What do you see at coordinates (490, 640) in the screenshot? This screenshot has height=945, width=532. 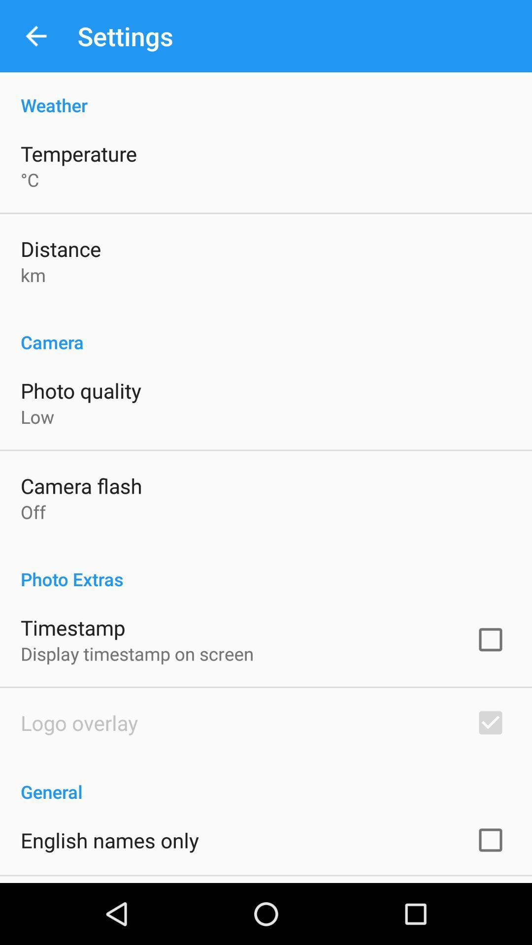 I see `the checkbox beside timestamp` at bounding box center [490, 640].